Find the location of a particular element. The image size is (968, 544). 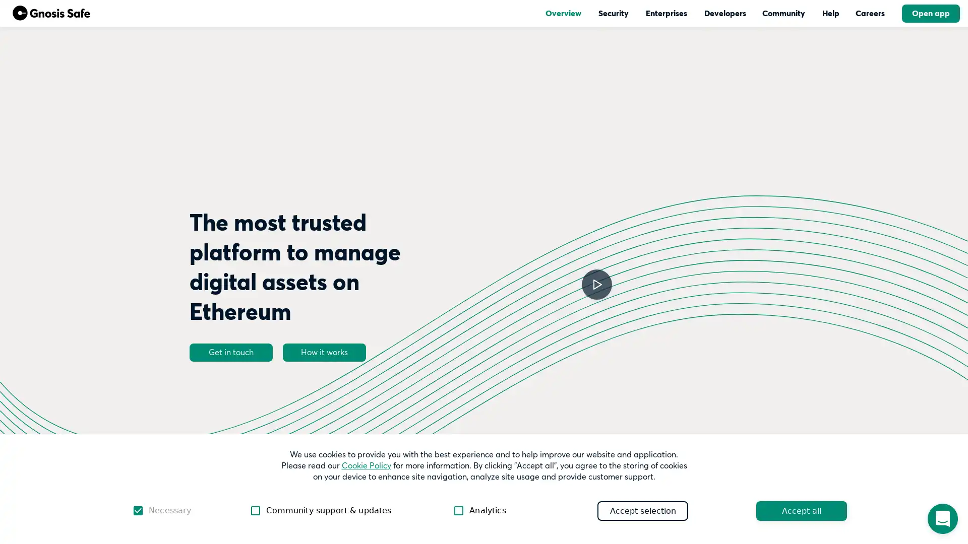

Accept selection is located at coordinates (642, 510).